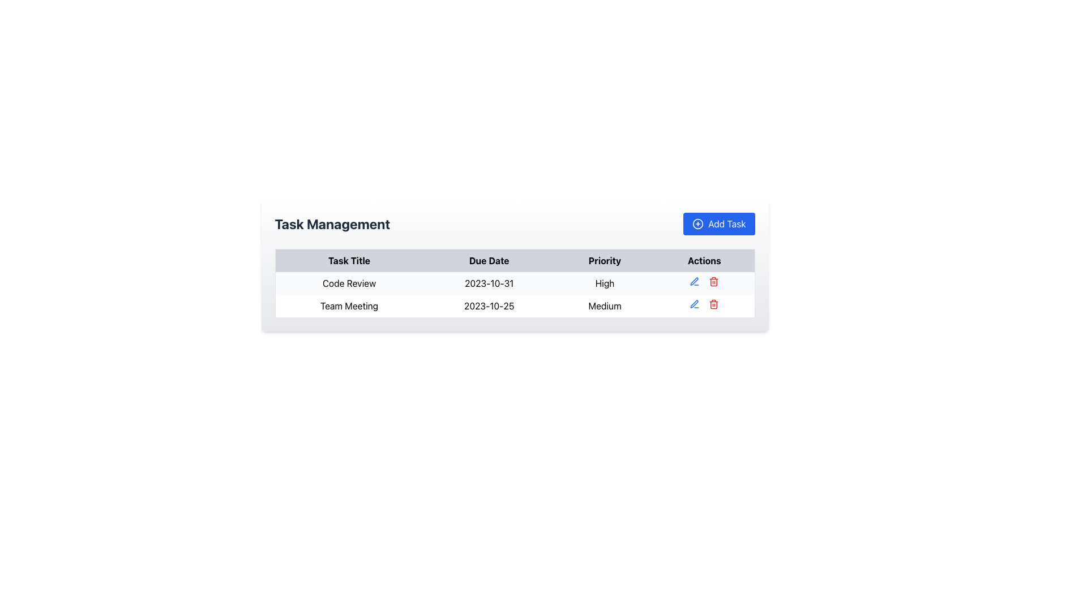 This screenshot has width=1087, height=611. Describe the element at coordinates (332, 224) in the screenshot. I see `text label displaying 'Task Management', which is bold and large-sized, positioned at the top-left of the header section above the task list` at that location.